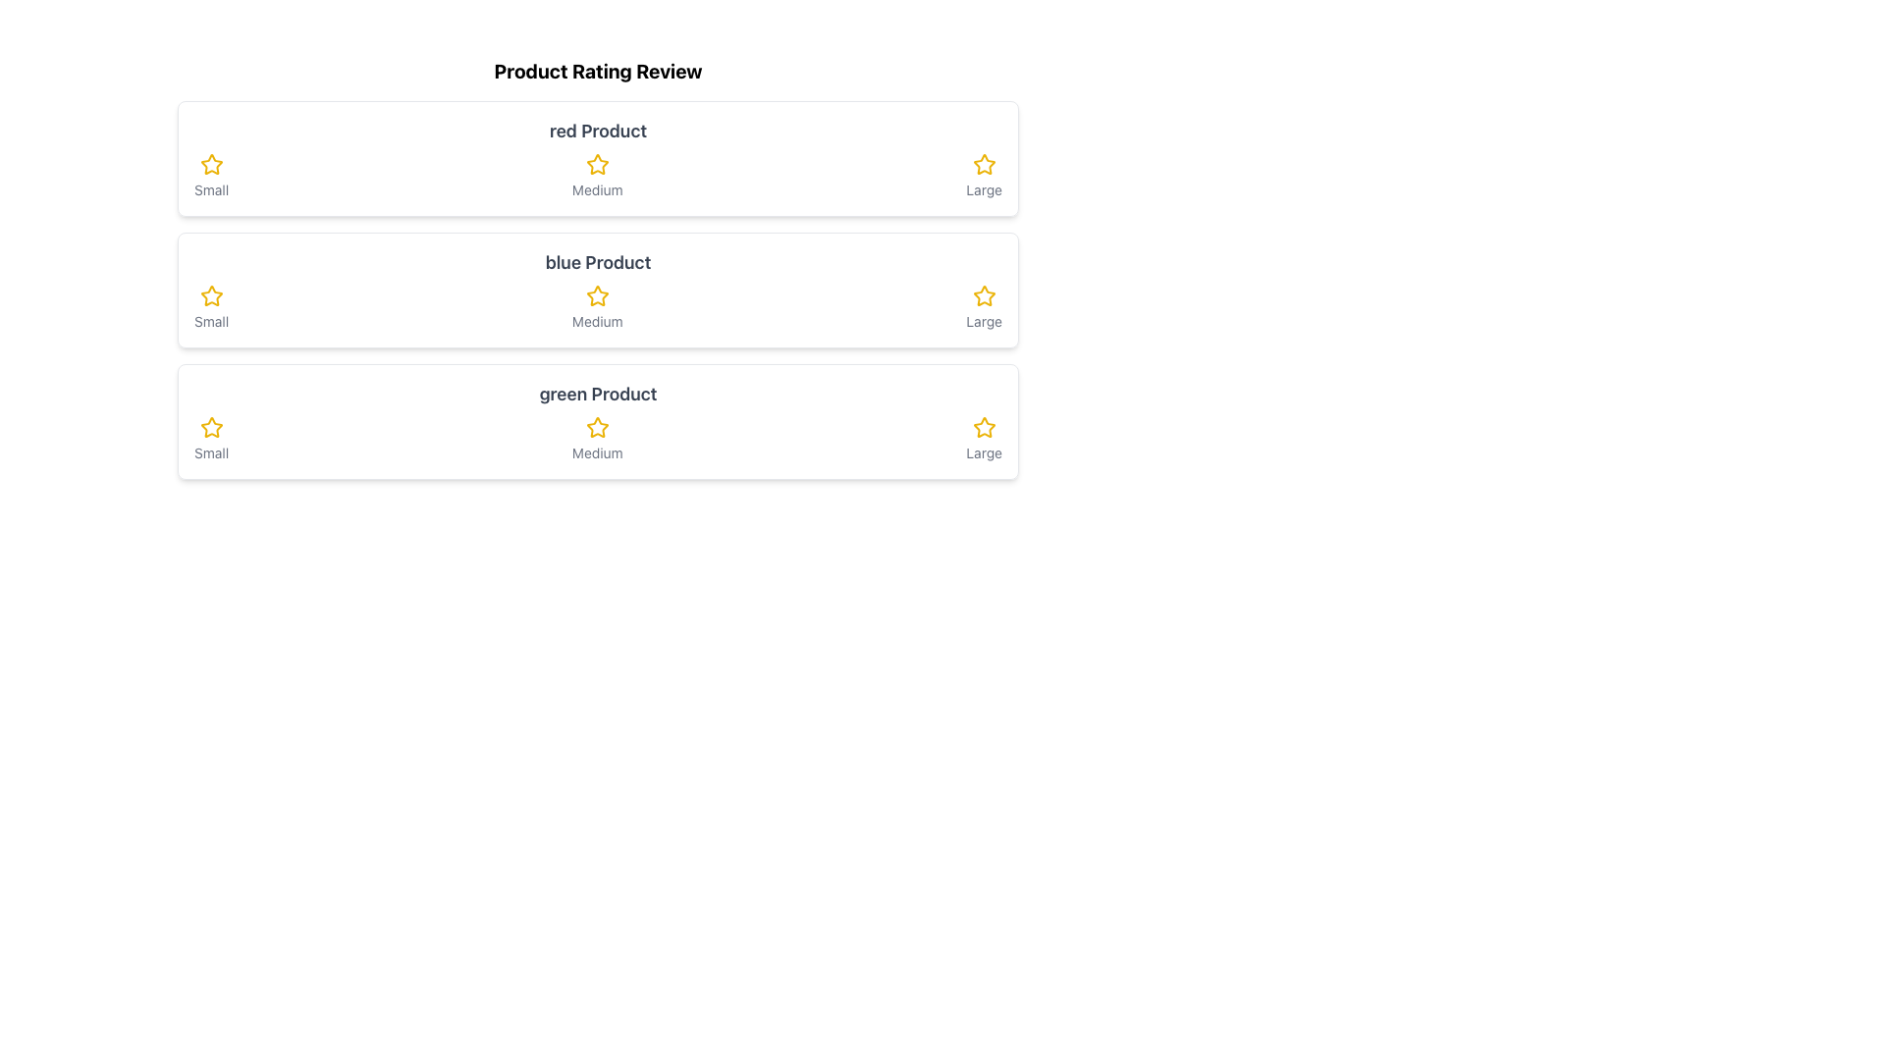 The height and width of the screenshot is (1060, 1885). What do you see at coordinates (984, 426) in the screenshot?
I see `the yellow star icon located under the 'Large' category in the 'green Product' row, which is positioned in the bottom-most card of a stacked list` at bounding box center [984, 426].